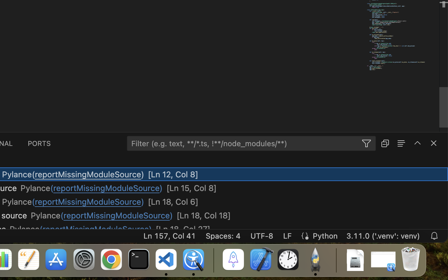 This screenshot has width=448, height=280. Describe the element at coordinates (417, 142) in the screenshot. I see `''` at that location.